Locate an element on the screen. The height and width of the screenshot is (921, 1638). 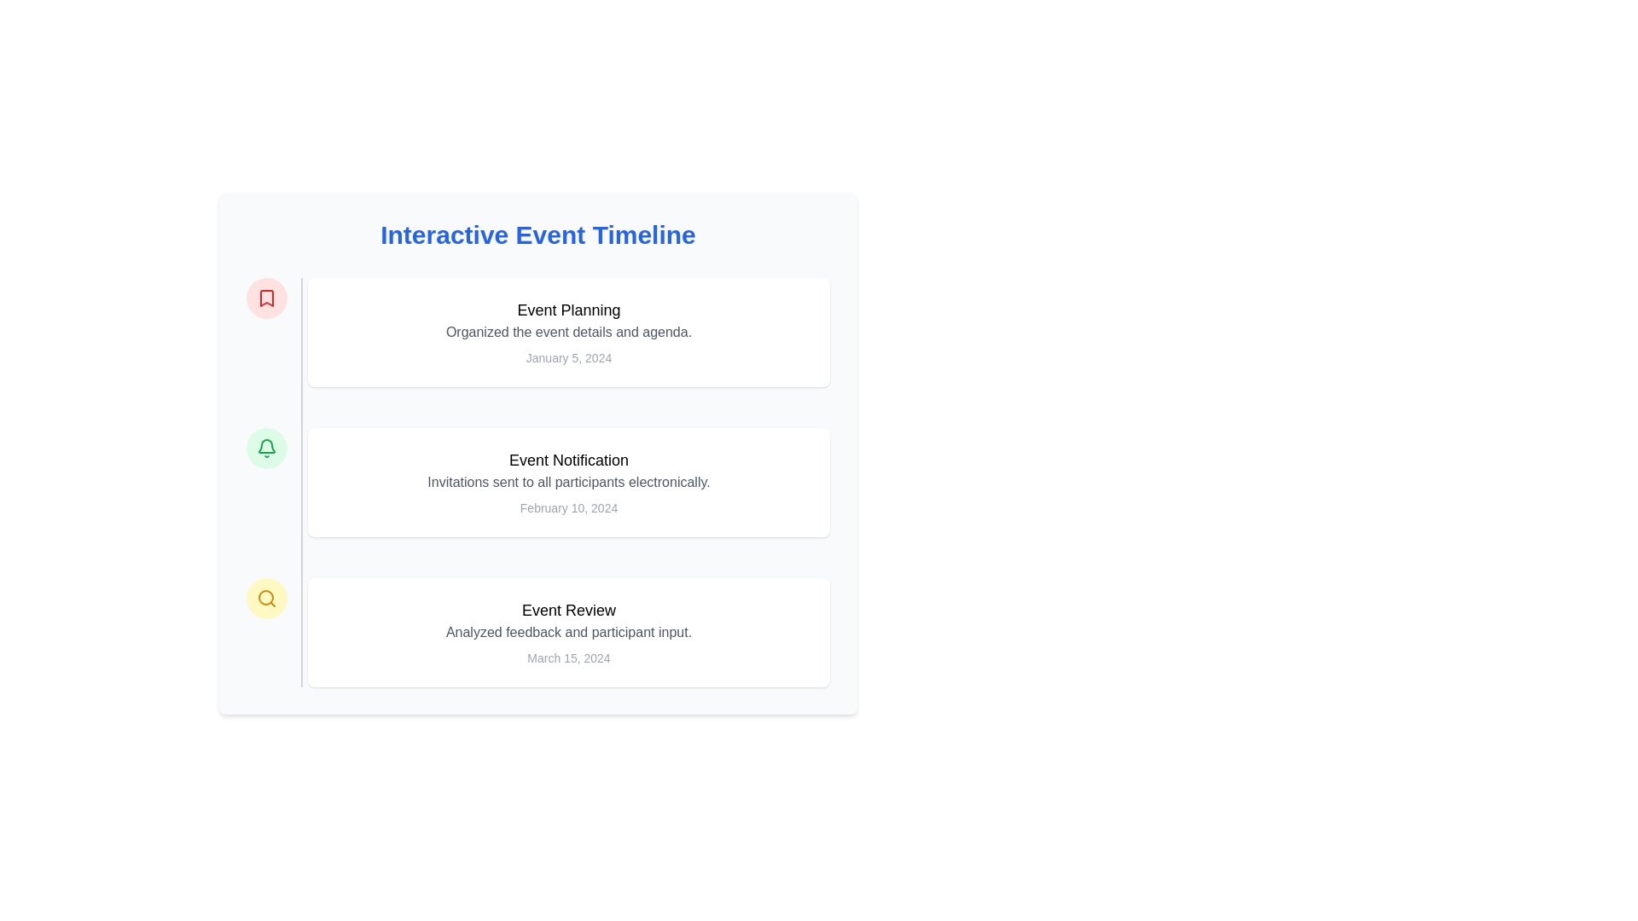
the bookmark icon located at the top-left corner of the interface, aligned with the 'Interactive Event Timeline' title is located at coordinates (265, 298).